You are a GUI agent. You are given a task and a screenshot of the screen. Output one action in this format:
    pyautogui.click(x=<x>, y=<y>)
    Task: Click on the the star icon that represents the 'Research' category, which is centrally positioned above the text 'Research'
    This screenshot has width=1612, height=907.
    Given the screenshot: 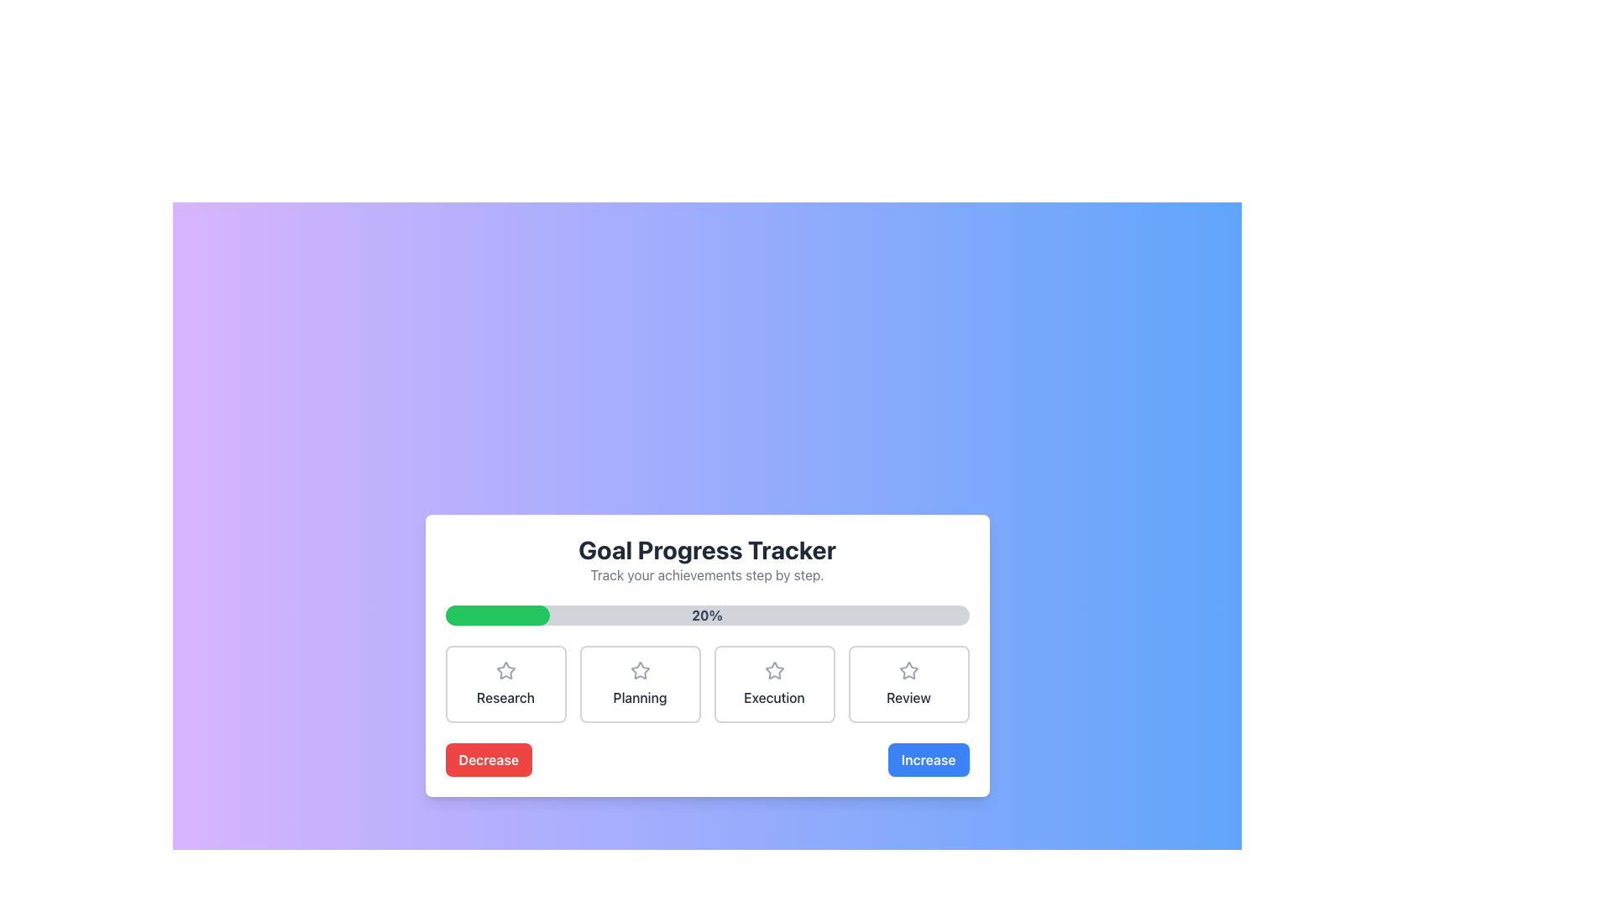 What is the action you would take?
    pyautogui.click(x=505, y=669)
    